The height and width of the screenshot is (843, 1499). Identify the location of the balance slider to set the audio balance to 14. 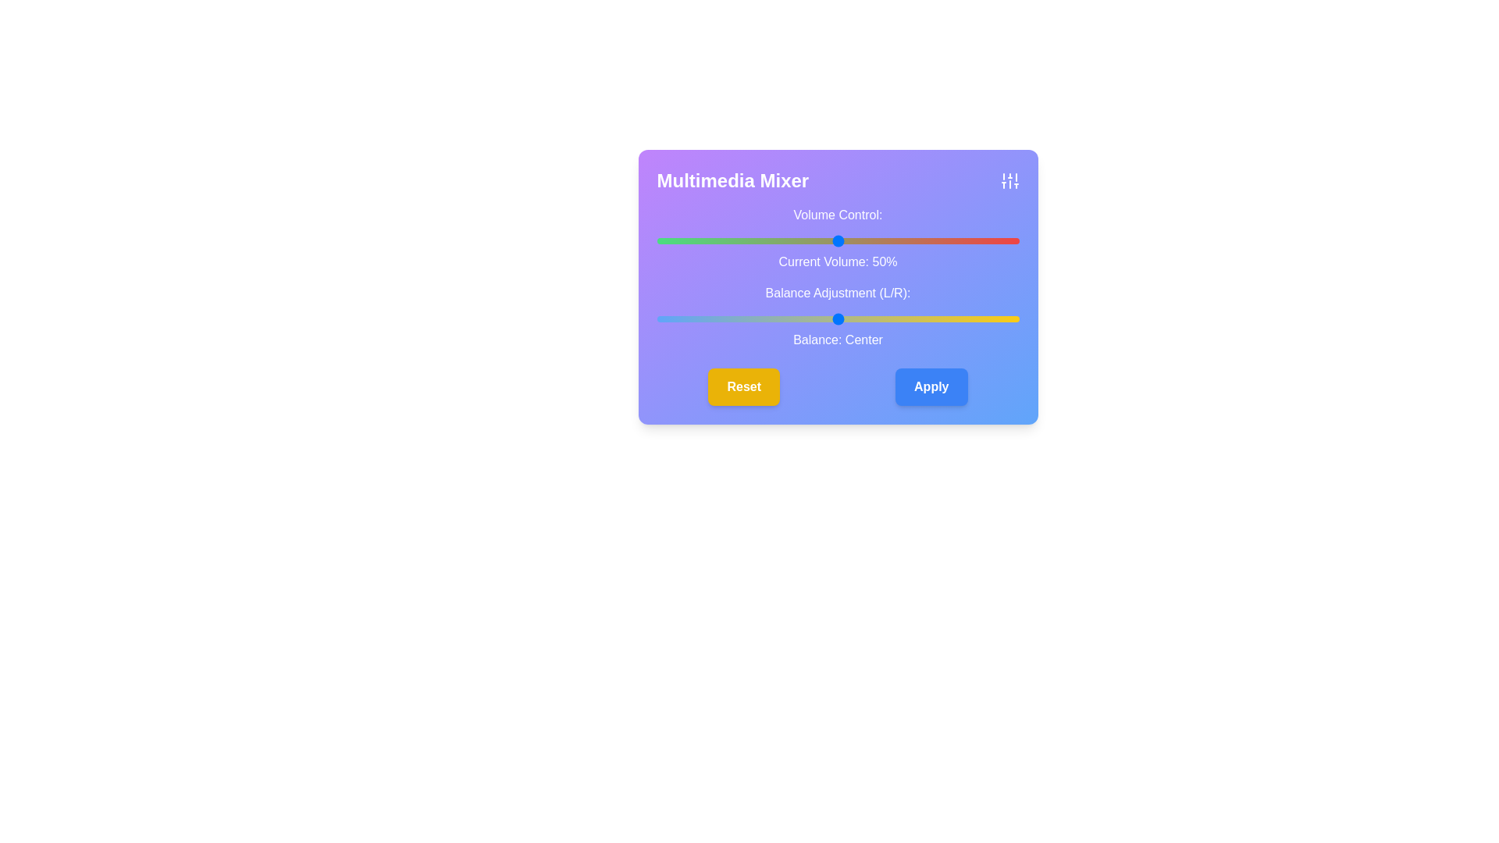
(888, 318).